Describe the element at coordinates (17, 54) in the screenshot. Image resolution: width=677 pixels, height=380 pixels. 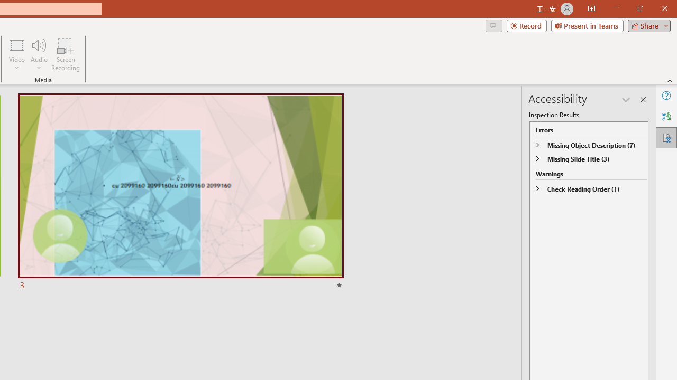
I see `'Video'` at that location.